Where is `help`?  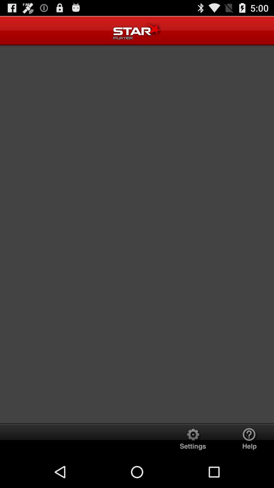 help is located at coordinates (249, 439).